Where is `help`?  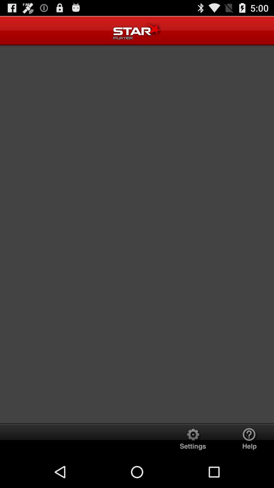 help is located at coordinates (249, 439).